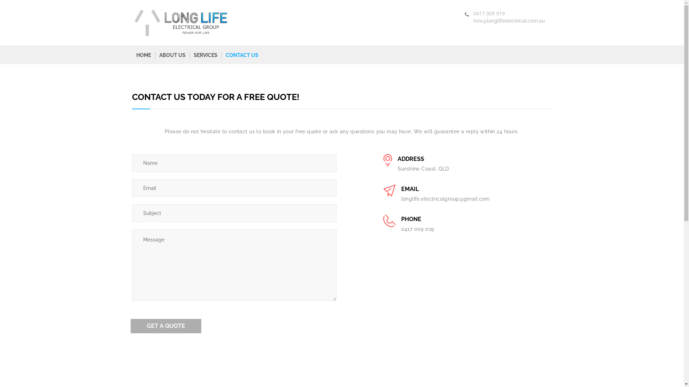  I want to click on 'trev@longlifeelectrical.com.au', so click(508, 20).